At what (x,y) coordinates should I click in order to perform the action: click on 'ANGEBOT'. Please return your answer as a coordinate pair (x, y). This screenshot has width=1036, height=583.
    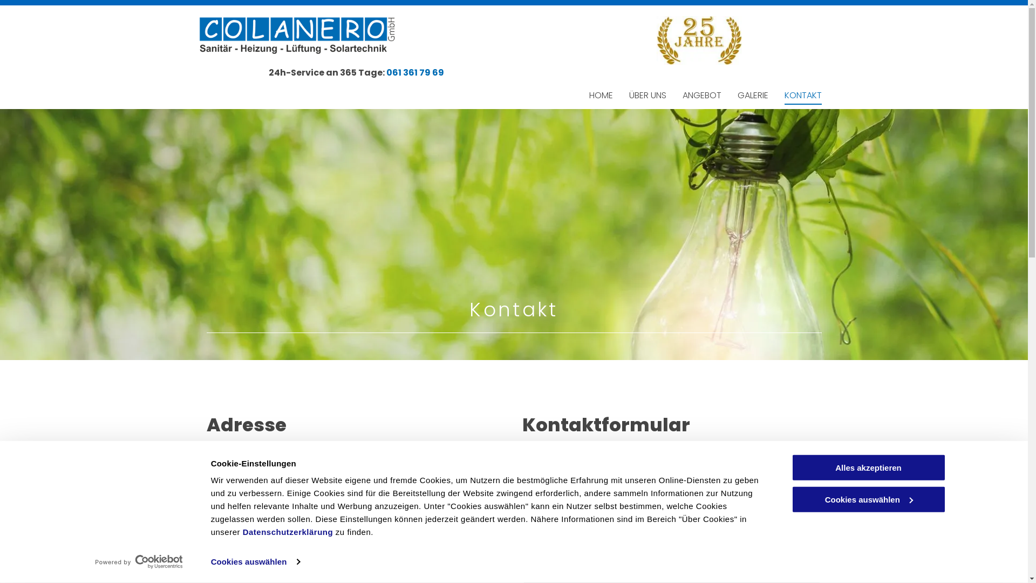
    Looking at the image, I should click on (701, 95).